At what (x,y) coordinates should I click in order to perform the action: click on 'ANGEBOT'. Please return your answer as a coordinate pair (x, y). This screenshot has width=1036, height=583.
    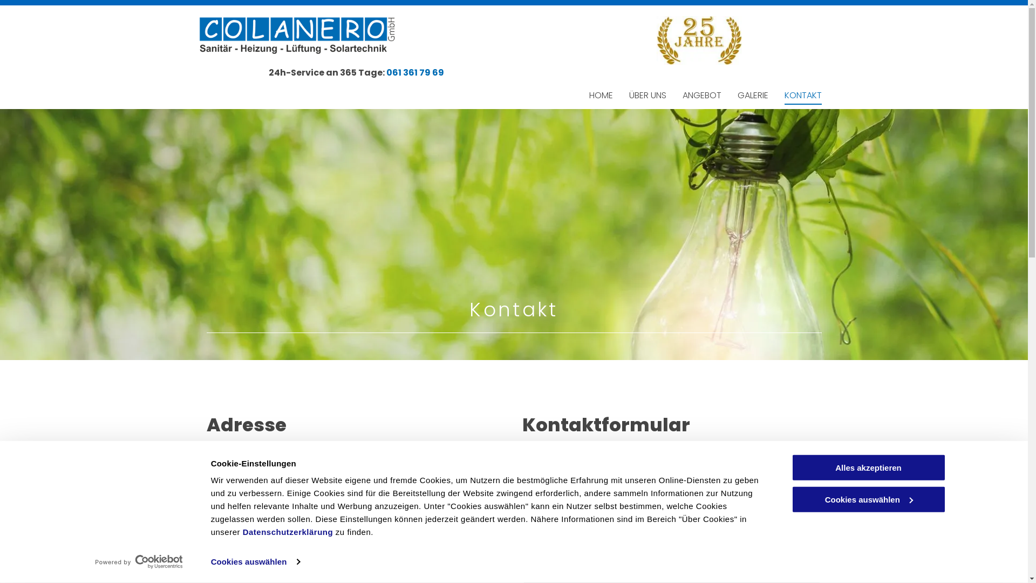
    Looking at the image, I should click on (701, 95).